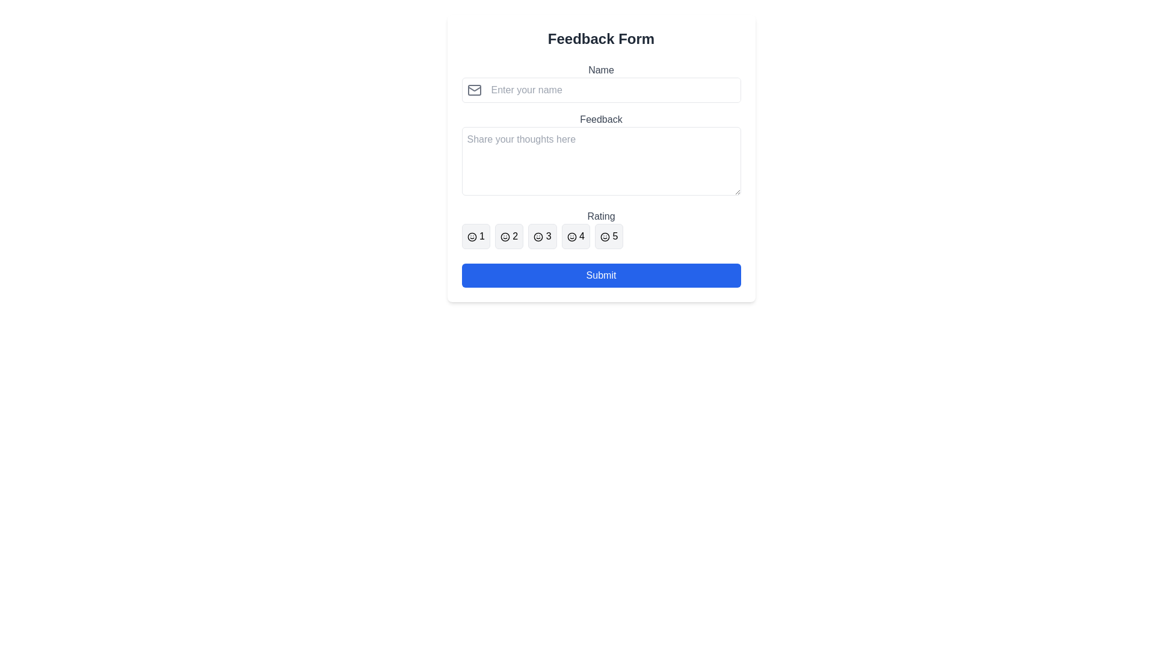 This screenshot has height=650, width=1155. I want to click on the fifth button in the 'Feedback Form' interface, which features a smiley face icon and the number '5', so click(609, 237).